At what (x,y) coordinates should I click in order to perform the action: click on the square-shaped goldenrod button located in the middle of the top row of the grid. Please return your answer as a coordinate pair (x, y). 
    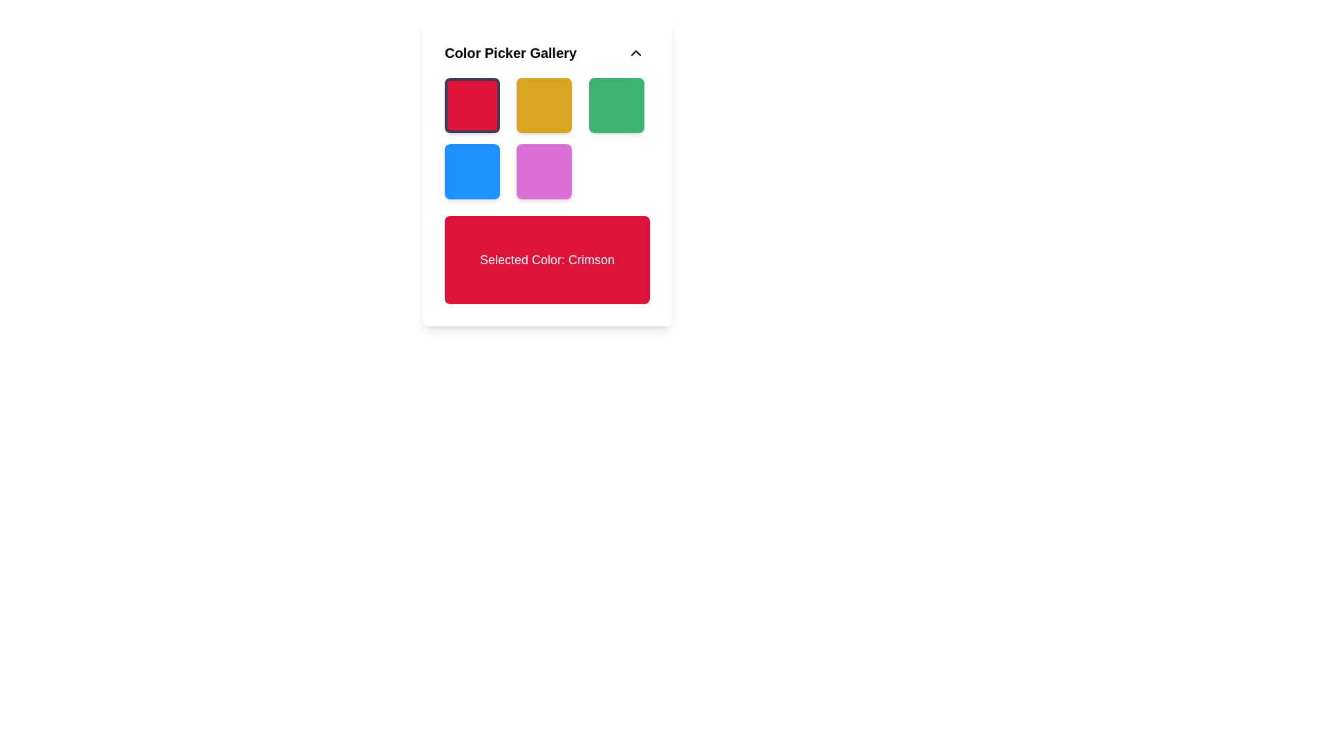
    Looking at the image, I should click on (544, 105).